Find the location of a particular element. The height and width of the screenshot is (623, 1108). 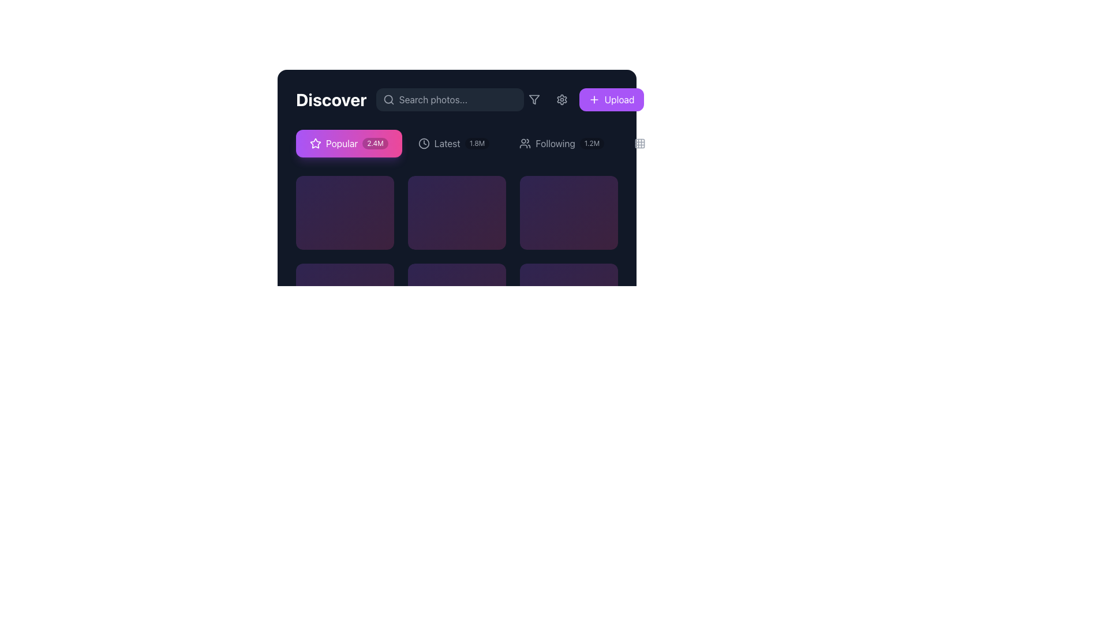

the large, bold, white text label that reads 'Discover', positioned at the top-left corner of the dark-themed interface is located at coordinates (331, 99).